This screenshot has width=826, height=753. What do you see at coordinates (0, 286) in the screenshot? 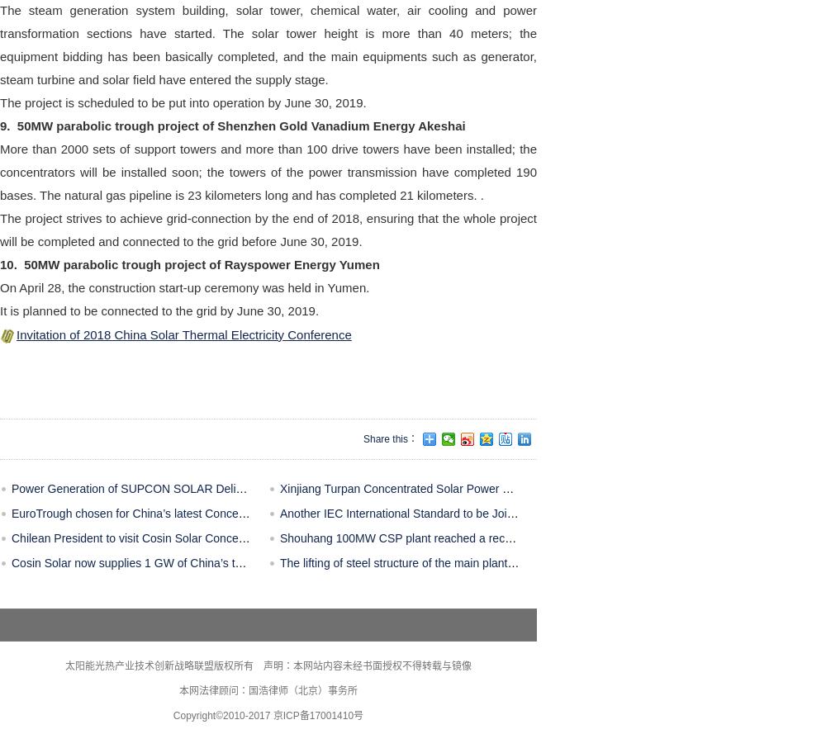
I see `'On April 28, the construction start-up ceremony was held in Yumen.'` at bounding box center [0, 286].